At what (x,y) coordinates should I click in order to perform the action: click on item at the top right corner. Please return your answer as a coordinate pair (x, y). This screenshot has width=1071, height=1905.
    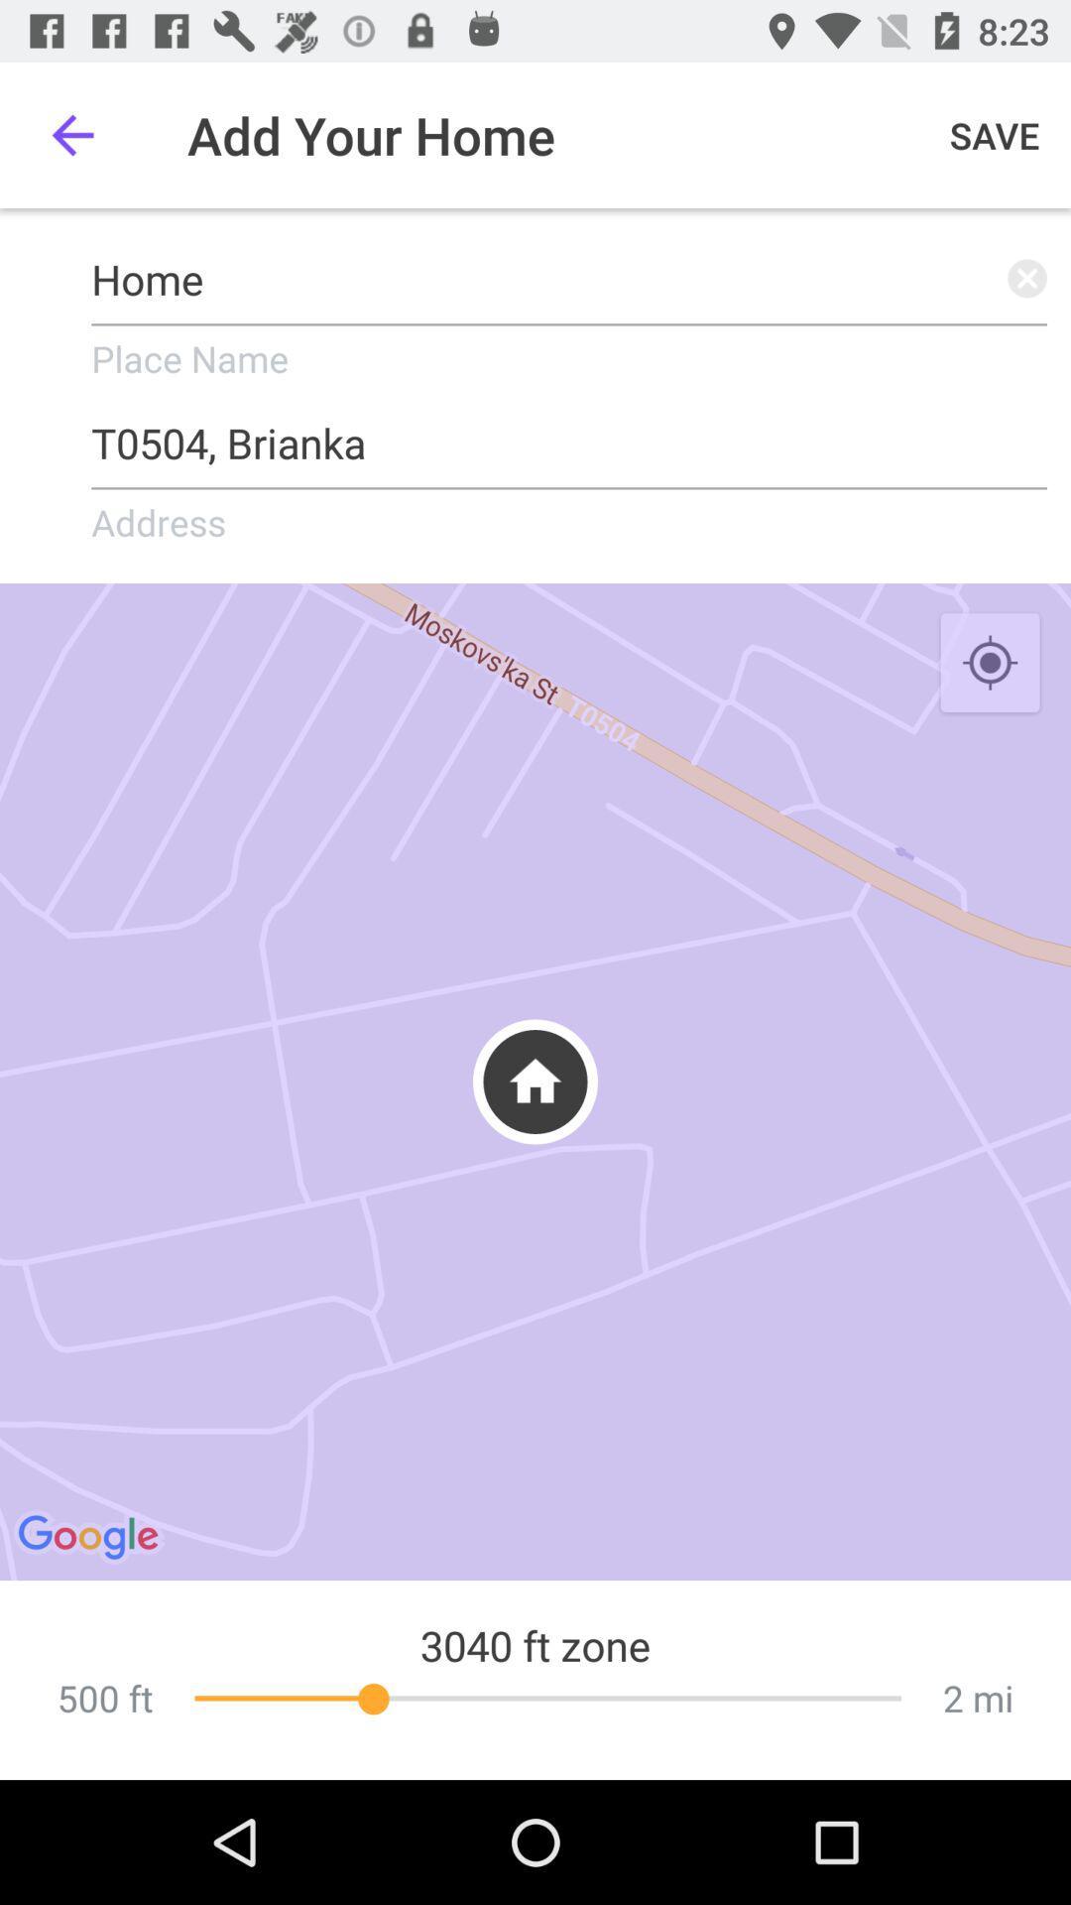
    Looking at the image, I should click on (995, 134).